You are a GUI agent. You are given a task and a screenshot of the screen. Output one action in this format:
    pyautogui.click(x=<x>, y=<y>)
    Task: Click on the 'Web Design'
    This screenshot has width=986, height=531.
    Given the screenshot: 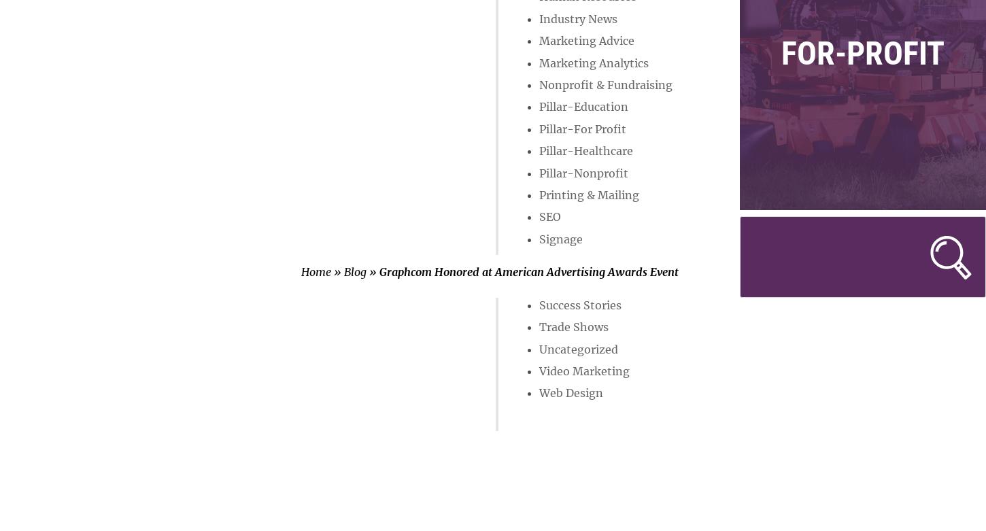 What is the action you would take?
    pyautogui.click(x=570, y=393)
    